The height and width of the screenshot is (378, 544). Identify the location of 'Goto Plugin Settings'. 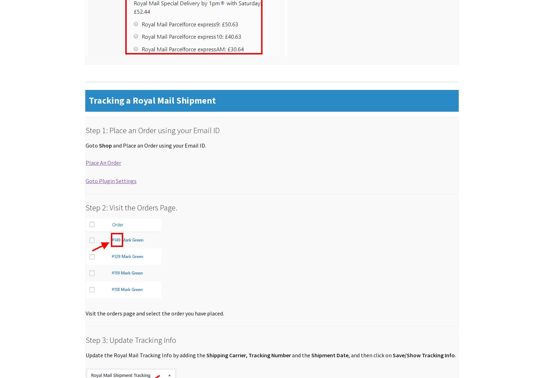
(111, 181).